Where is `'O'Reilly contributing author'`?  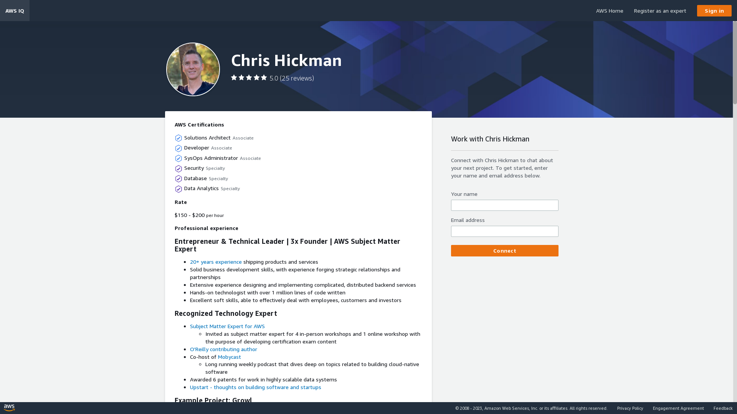
'O'Reilly contributing author' is located at coordinates (223, 349).